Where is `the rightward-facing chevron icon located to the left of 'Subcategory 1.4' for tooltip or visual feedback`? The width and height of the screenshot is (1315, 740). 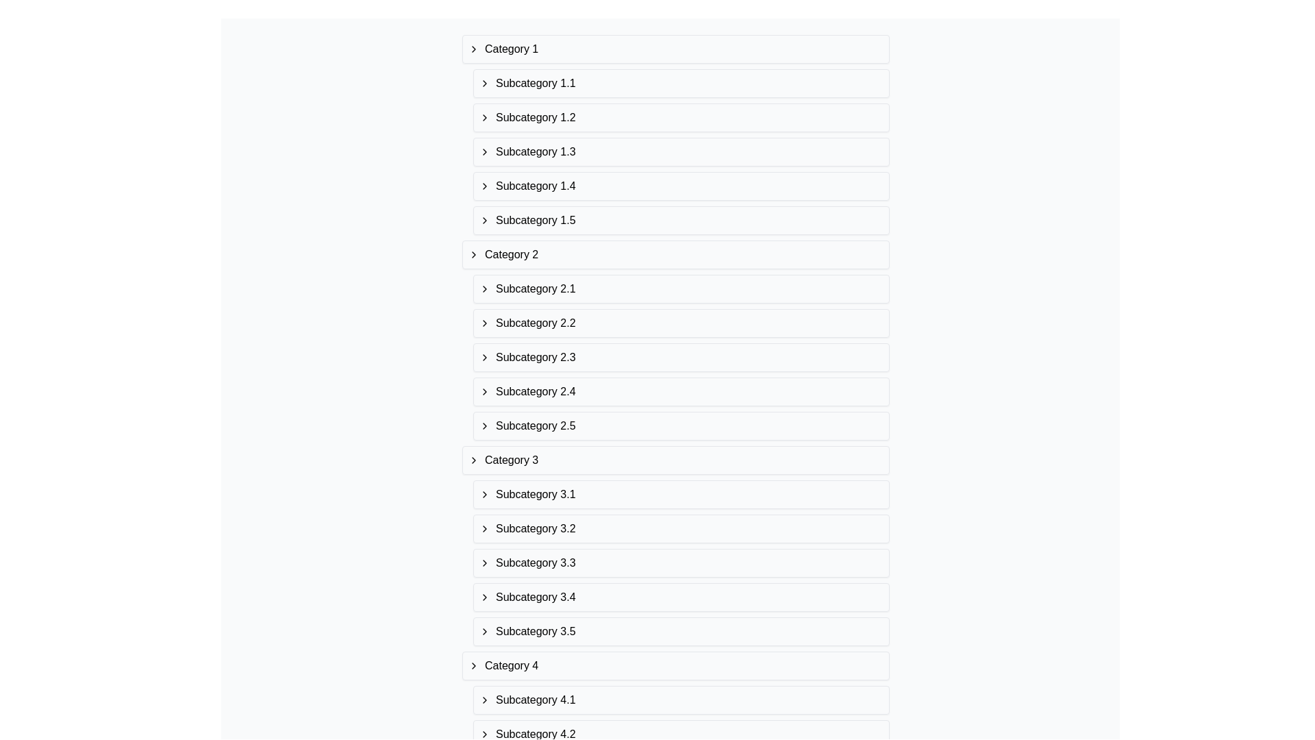 the rightward-facing chevron icon located to the left of 'Subcategory 1.4' for tooltip or visual feedback is located at coordinates (485, 186).